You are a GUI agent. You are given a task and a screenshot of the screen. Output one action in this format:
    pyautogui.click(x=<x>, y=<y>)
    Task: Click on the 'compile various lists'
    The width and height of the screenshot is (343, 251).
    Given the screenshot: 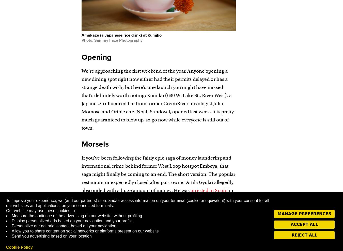 What is the action you would take?
    pyautogui.click(x=154, y=230)
    